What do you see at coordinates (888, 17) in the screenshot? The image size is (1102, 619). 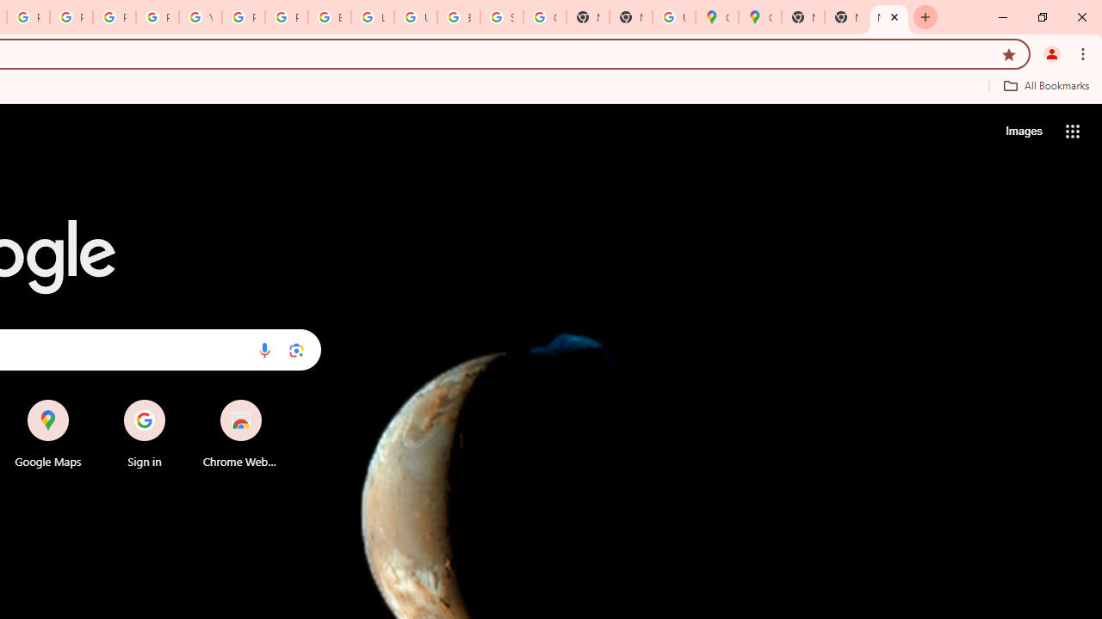 I see `'New Tab'` at bounding box center [888, 17].